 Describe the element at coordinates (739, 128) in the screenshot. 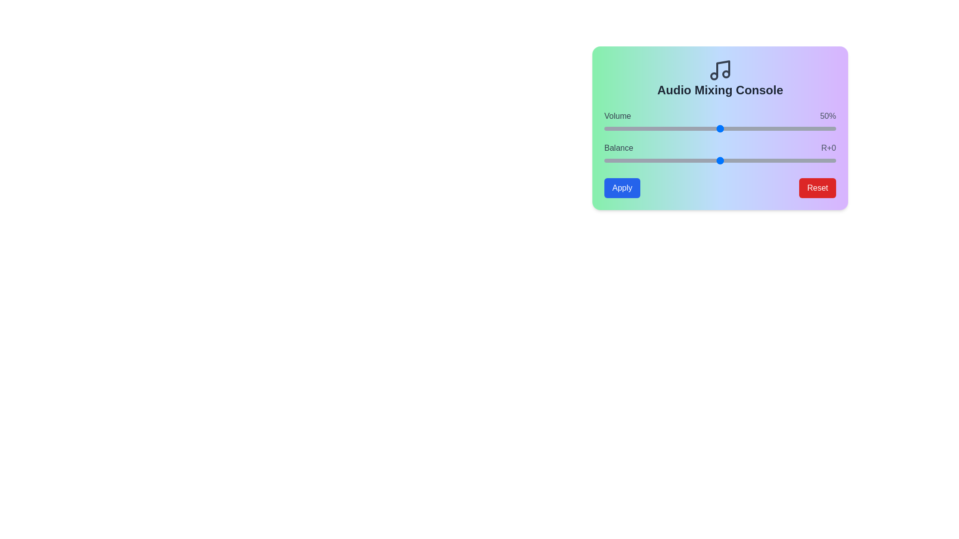

I see `the slider` at that location.